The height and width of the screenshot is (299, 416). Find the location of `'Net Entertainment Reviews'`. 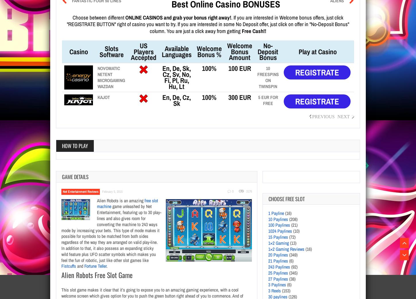

'Net Entertainment Reviews' is located at coordinates (81, 191).